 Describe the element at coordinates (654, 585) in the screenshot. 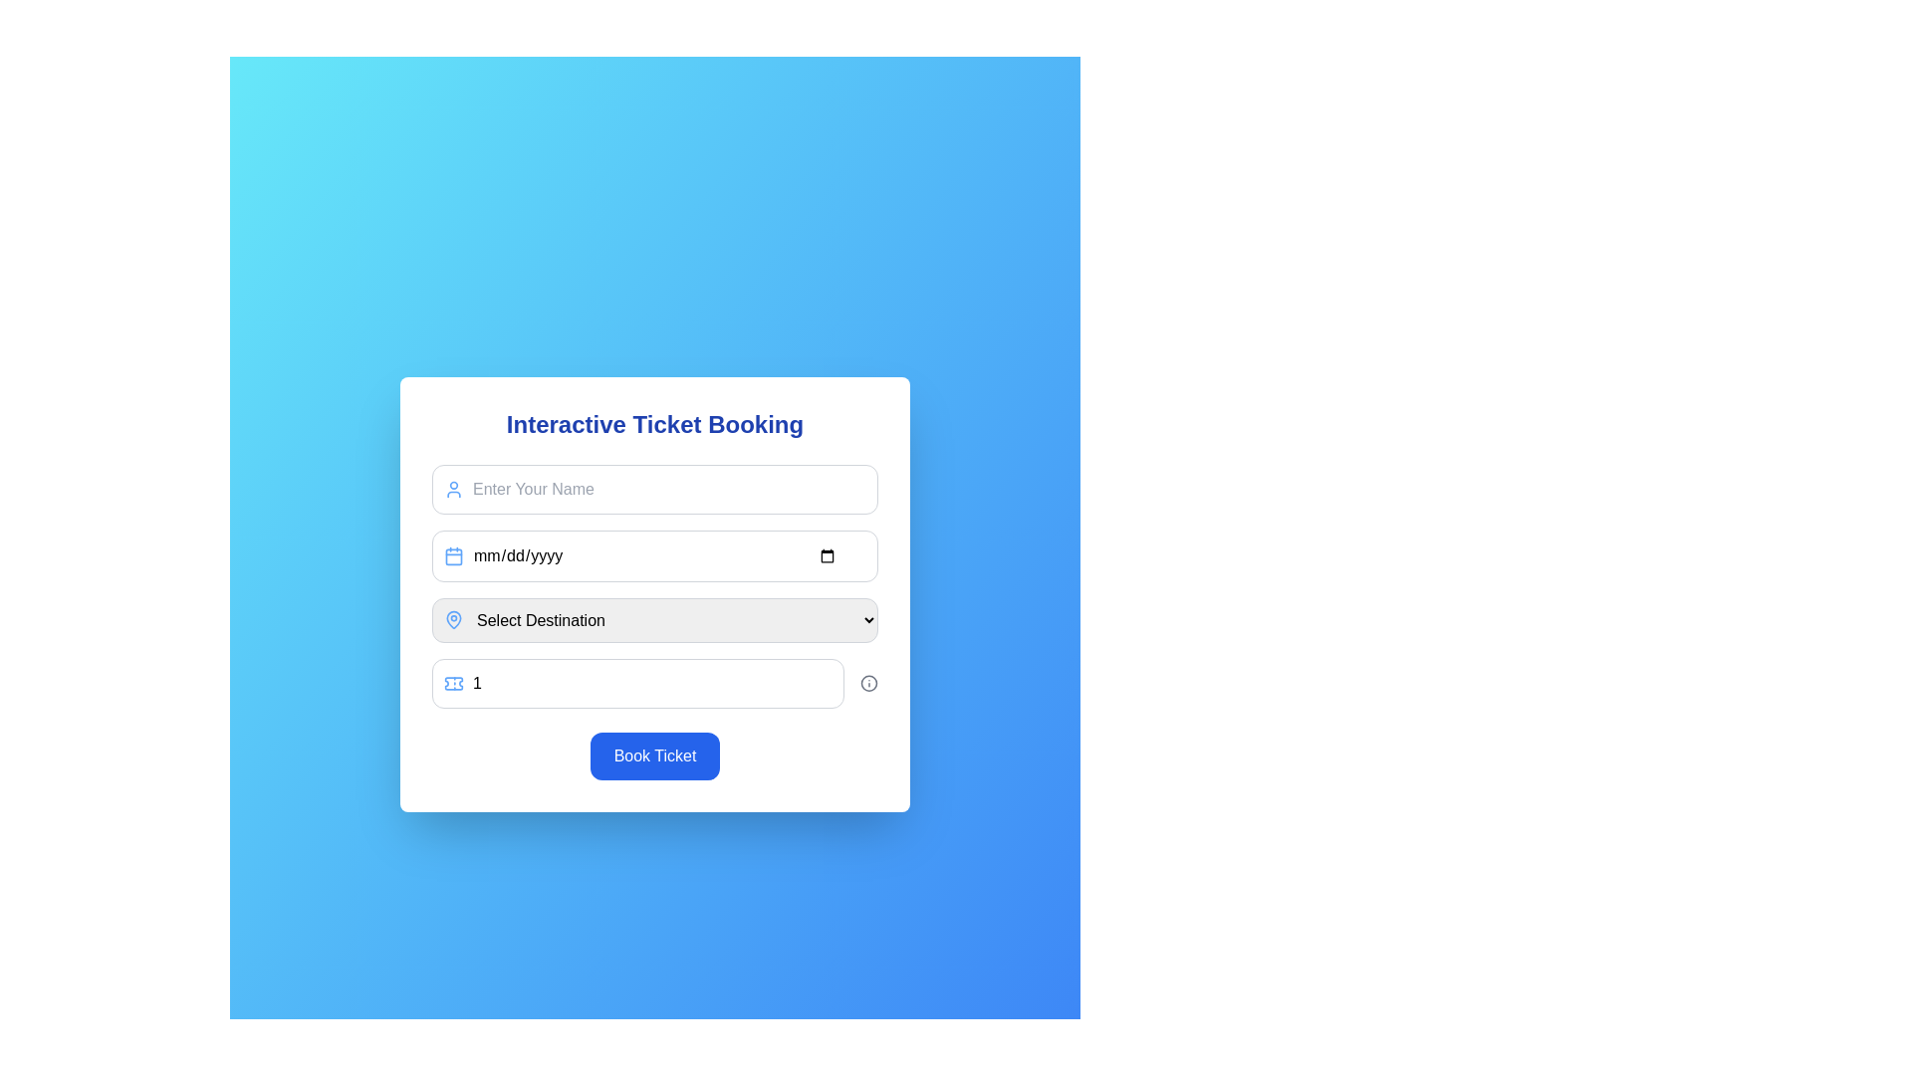

I see `the Dropdown menu located between the date input field and the numeric input field for keyboard interaction` at that location.